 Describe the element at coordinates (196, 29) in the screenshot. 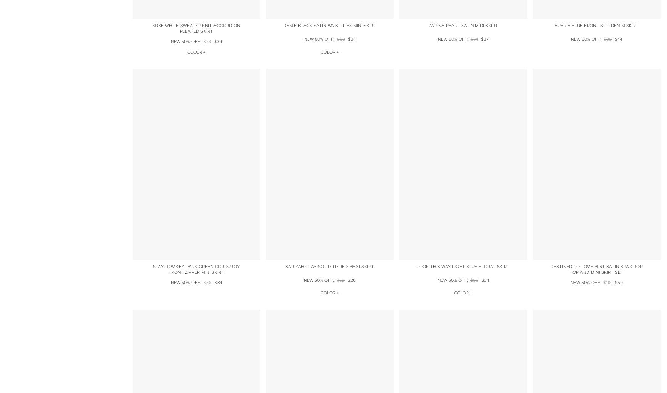

I see `'Kobe White Sweater Knit Accordion Pleated Skirt'` at that location.